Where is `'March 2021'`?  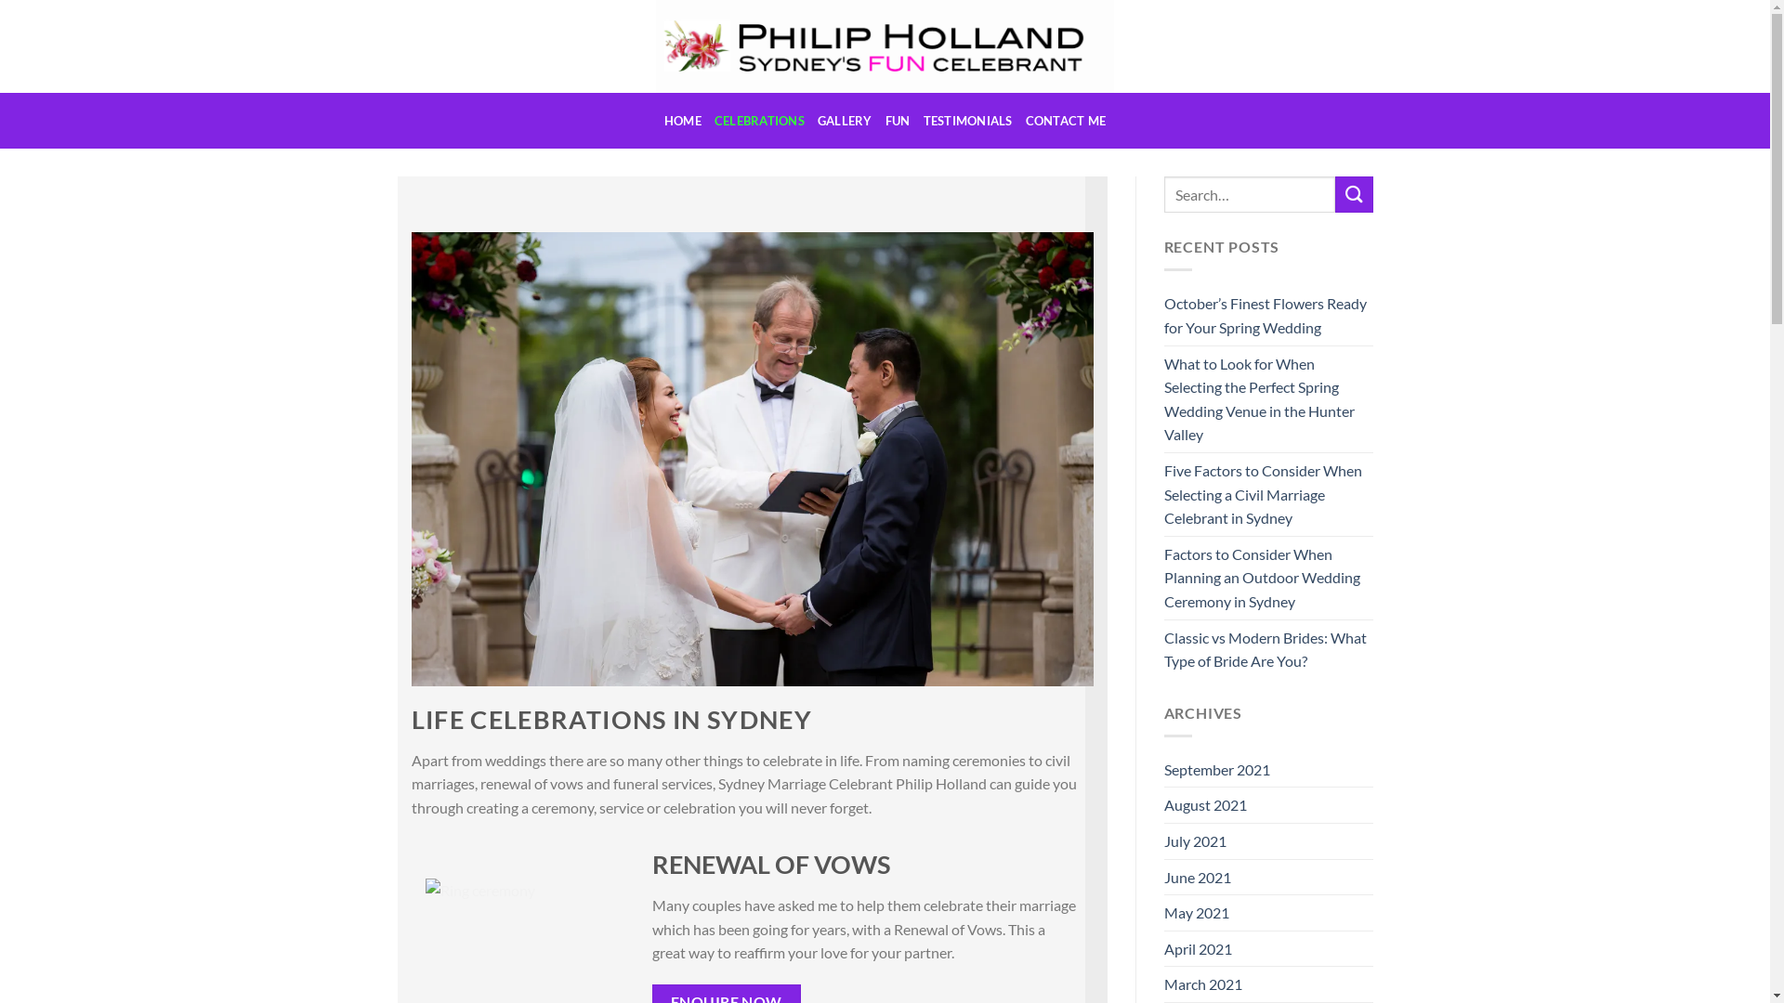
'March 2021' is located at coordinates (1202, 983).